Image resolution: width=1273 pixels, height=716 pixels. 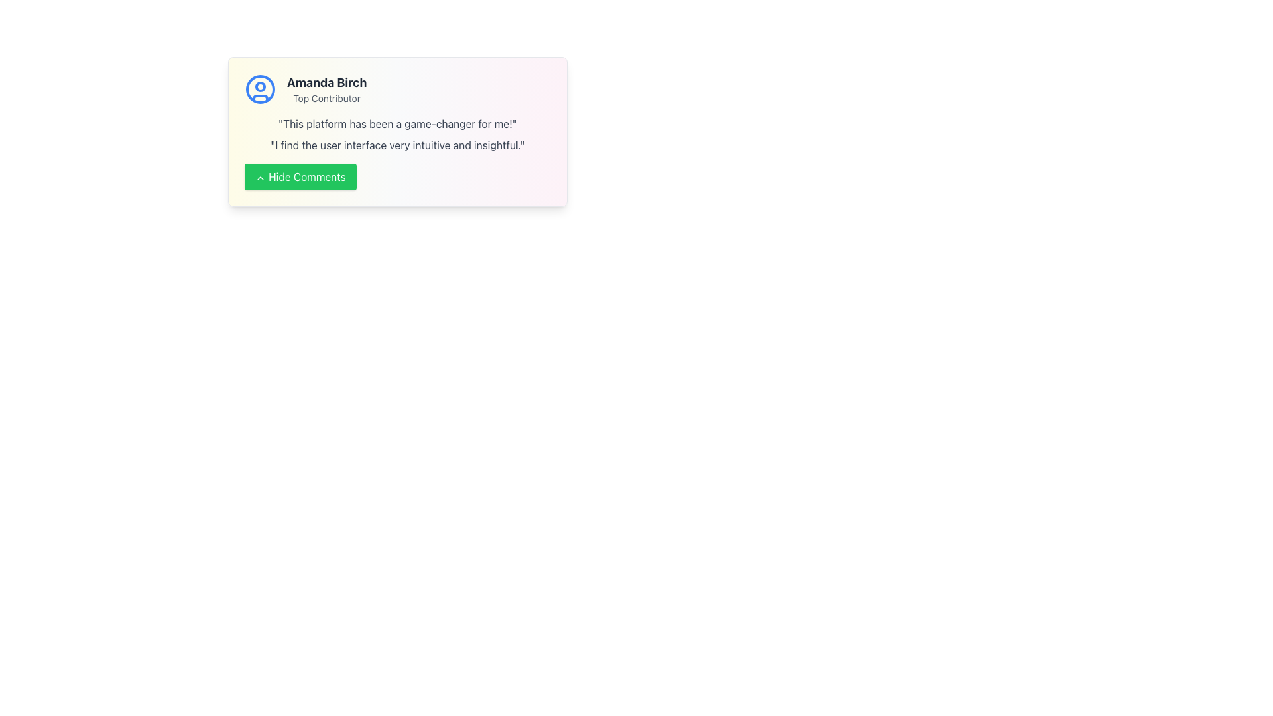 I want to click on the user profile icon located on the extreme left of the section containing the name 'Amanda Birch' and the title 'Top Contributor', so click(x=261, y=89).